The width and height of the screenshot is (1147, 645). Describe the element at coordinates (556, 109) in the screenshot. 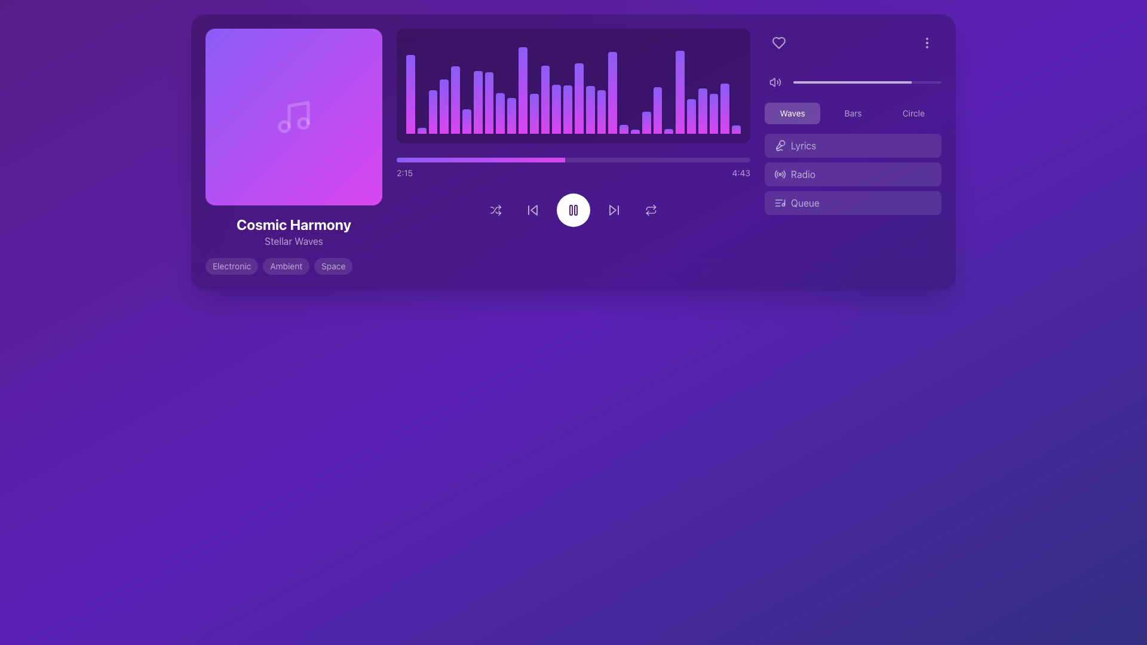

I see `the 14th bar of the audio equalizer display, which visually represents a specific frequency band in the audio playback visualization` at that location.